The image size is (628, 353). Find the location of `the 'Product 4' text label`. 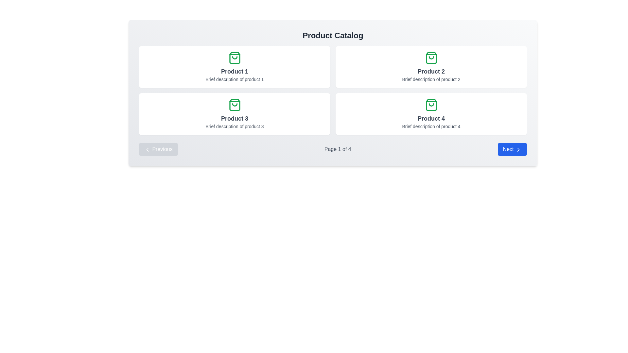

the 'Product 4' text label is located at coordinates (431, 118).